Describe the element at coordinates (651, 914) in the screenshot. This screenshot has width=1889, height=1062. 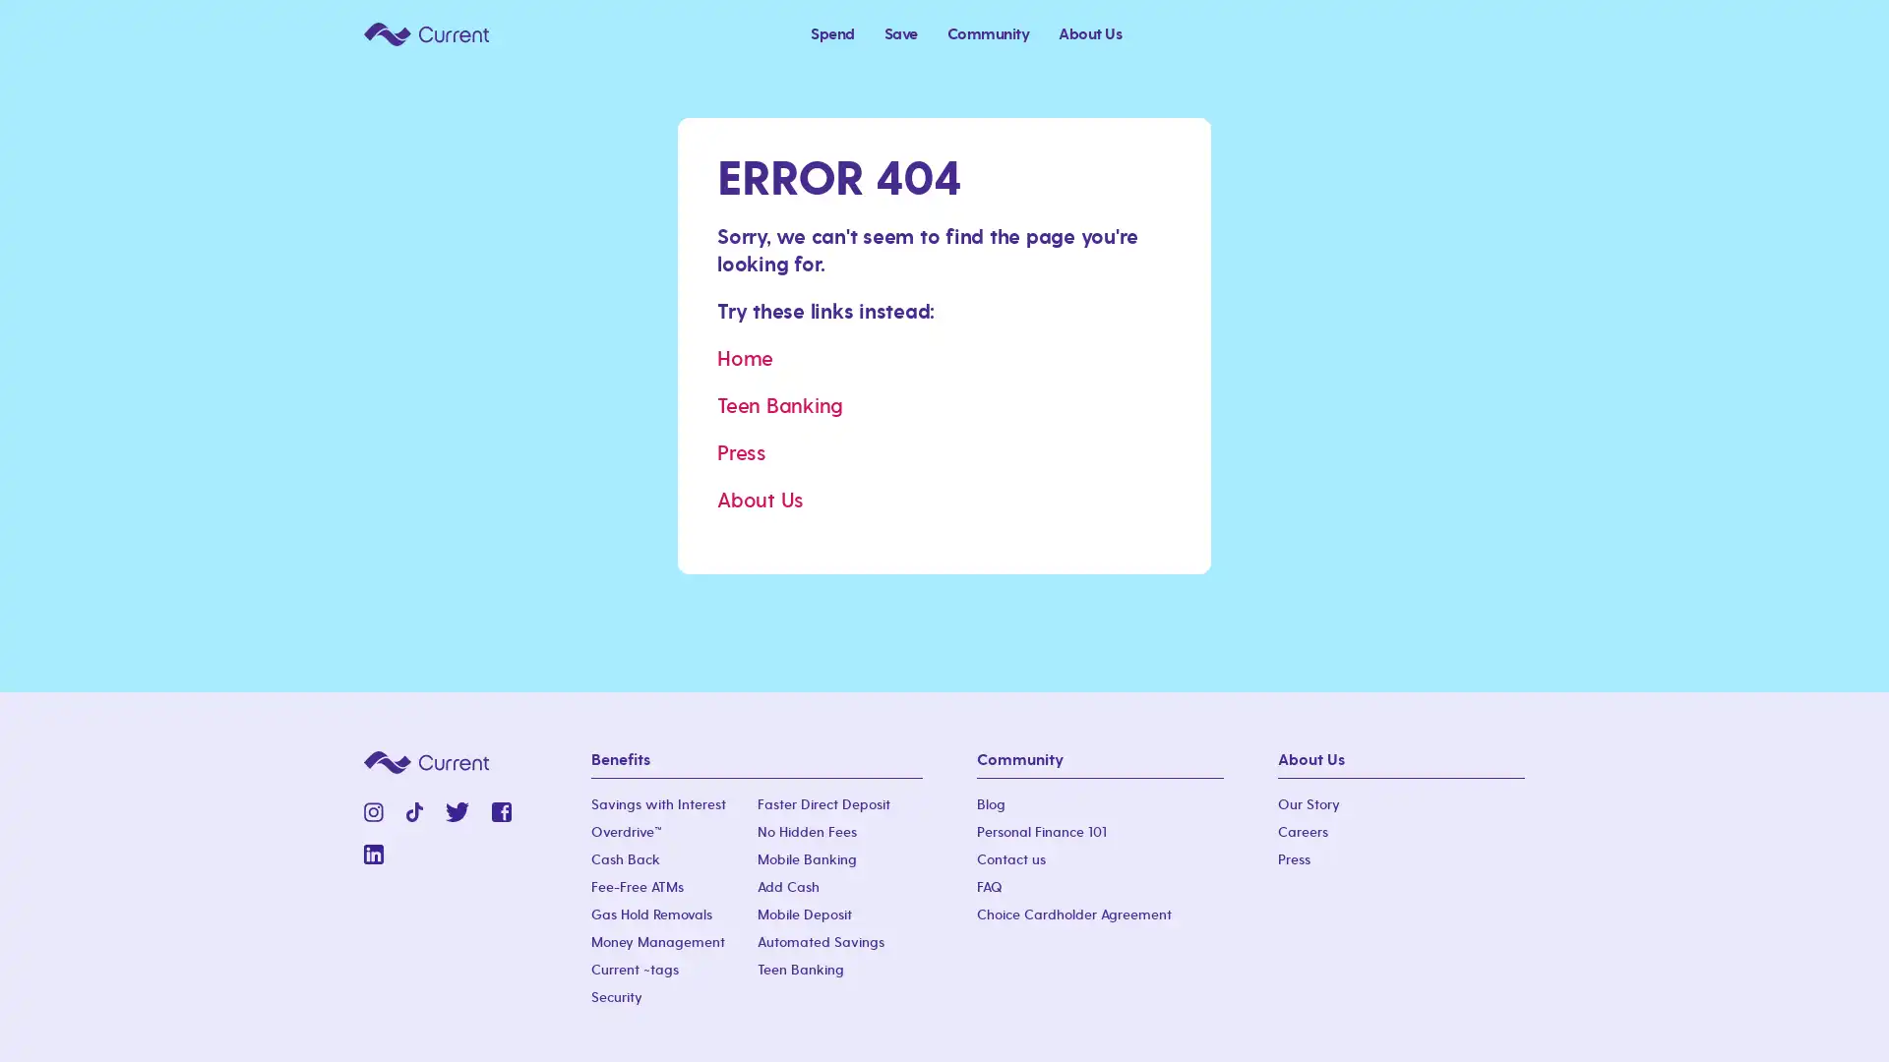
I see `Gas Hold Removals` at that location.